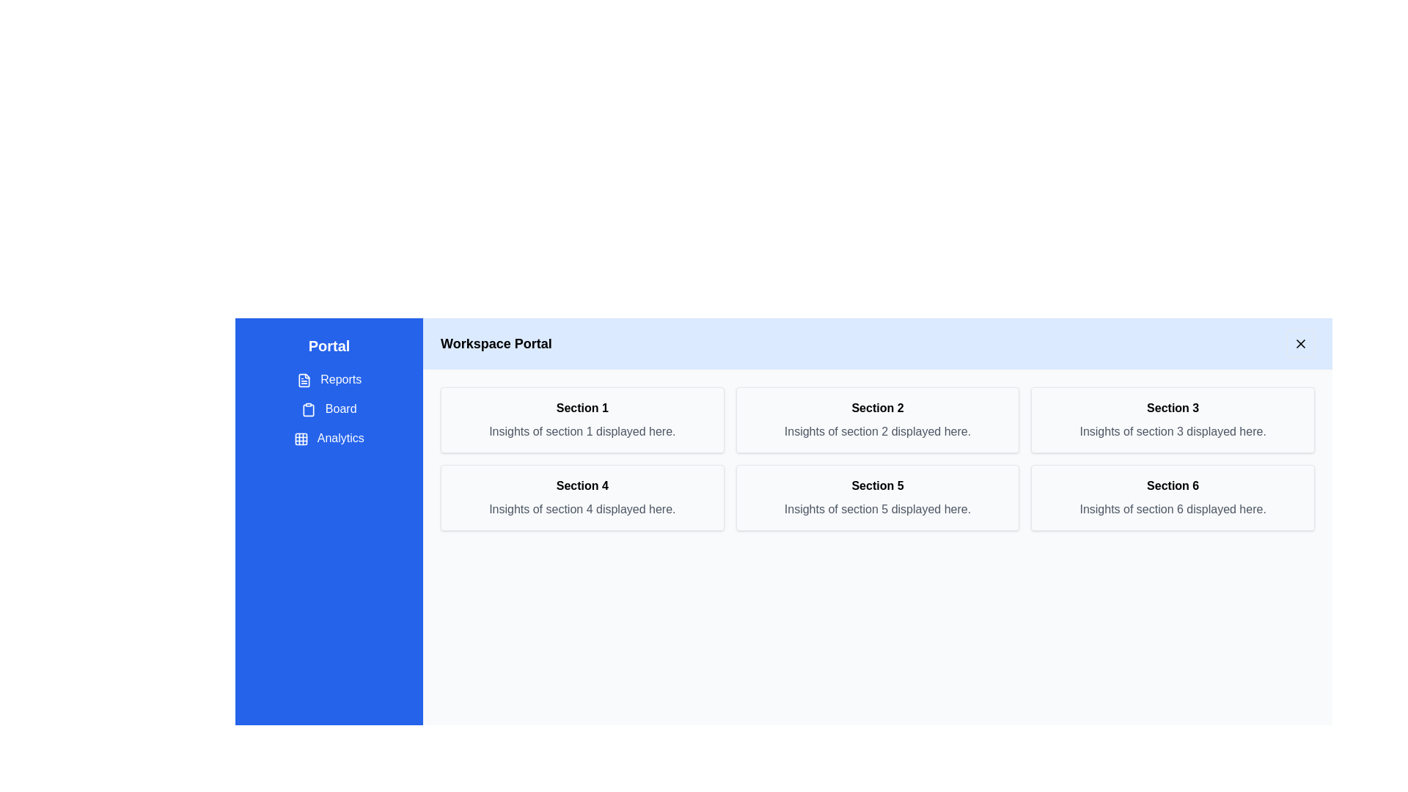 This screenshot has width=1408, height=792. Describe the element at coordinates (329, 409) in the screenshot. I see `the 'Board' hyperlink with an icon in the 'Portal' sidebar menu` at that location.